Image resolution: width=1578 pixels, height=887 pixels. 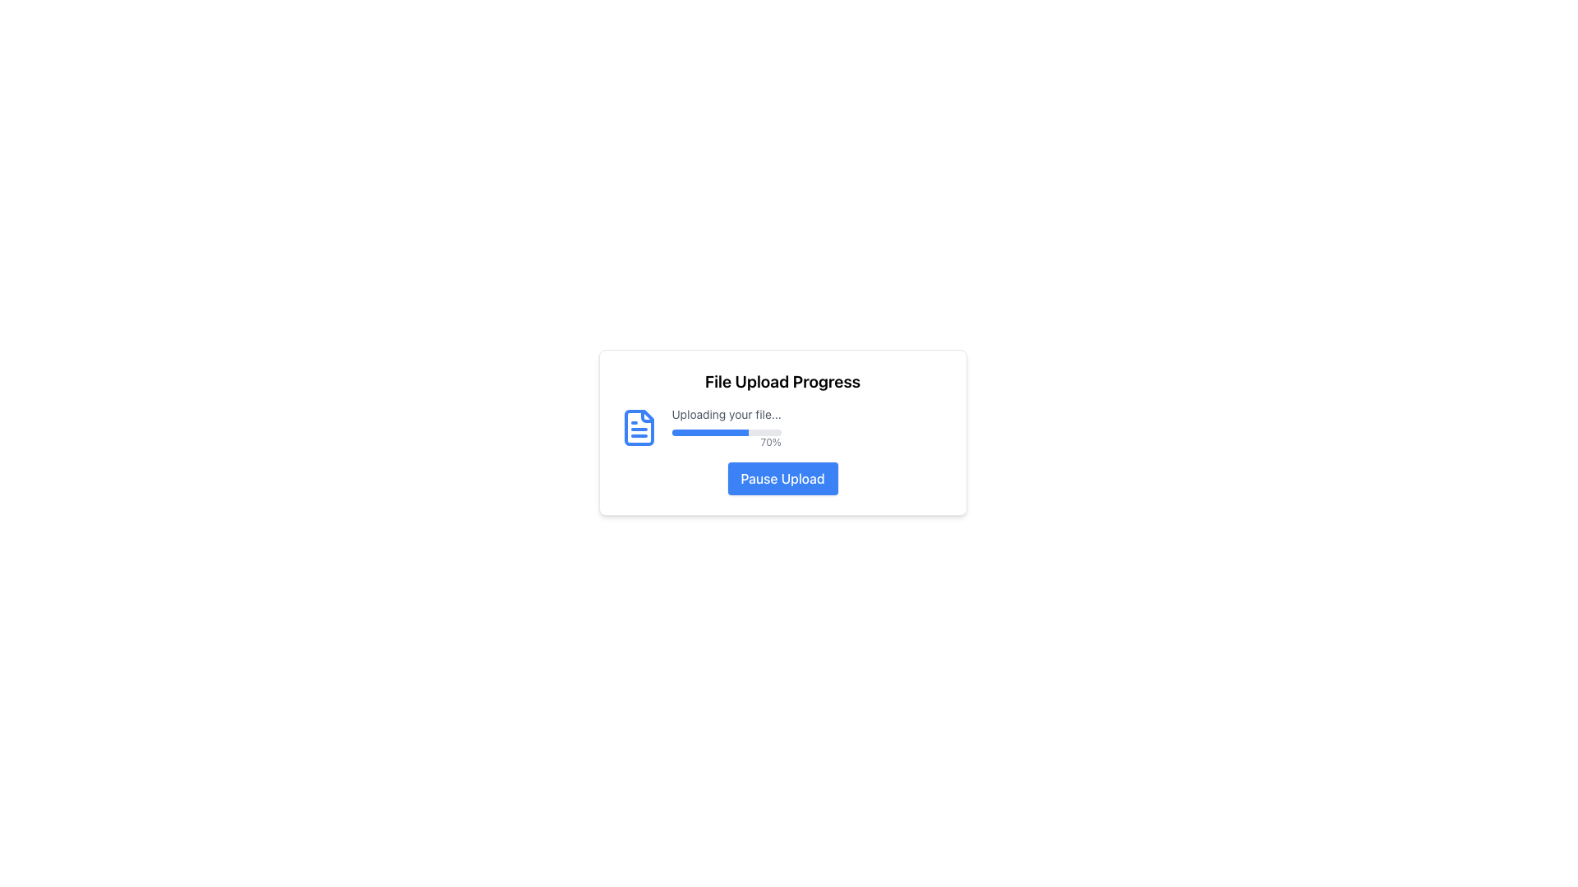 I want to click on the progress indicator for the file upload process, which is located above the 'Pause Upload' button and displays the upload status visually and numerically, so click(x=782, y=426).